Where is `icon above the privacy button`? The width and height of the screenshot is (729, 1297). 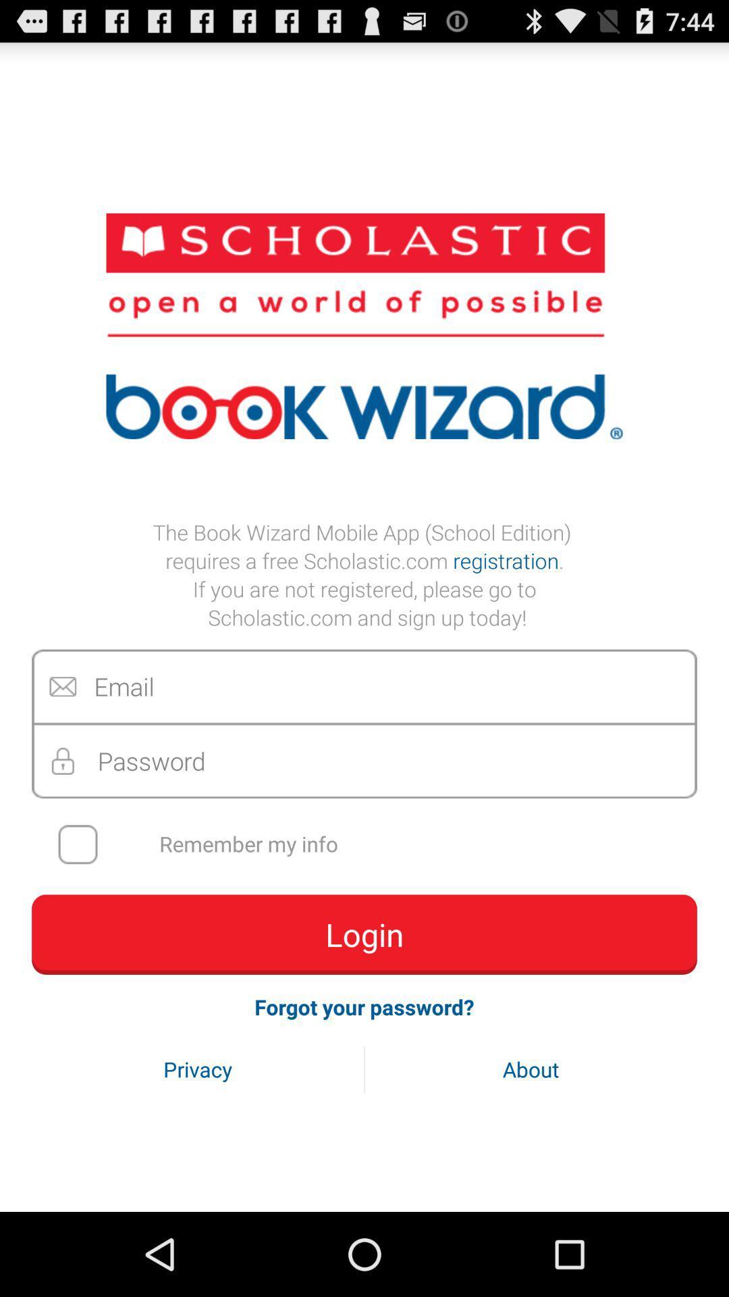 icon above the privacy button is located at coordinates (364, 1007).